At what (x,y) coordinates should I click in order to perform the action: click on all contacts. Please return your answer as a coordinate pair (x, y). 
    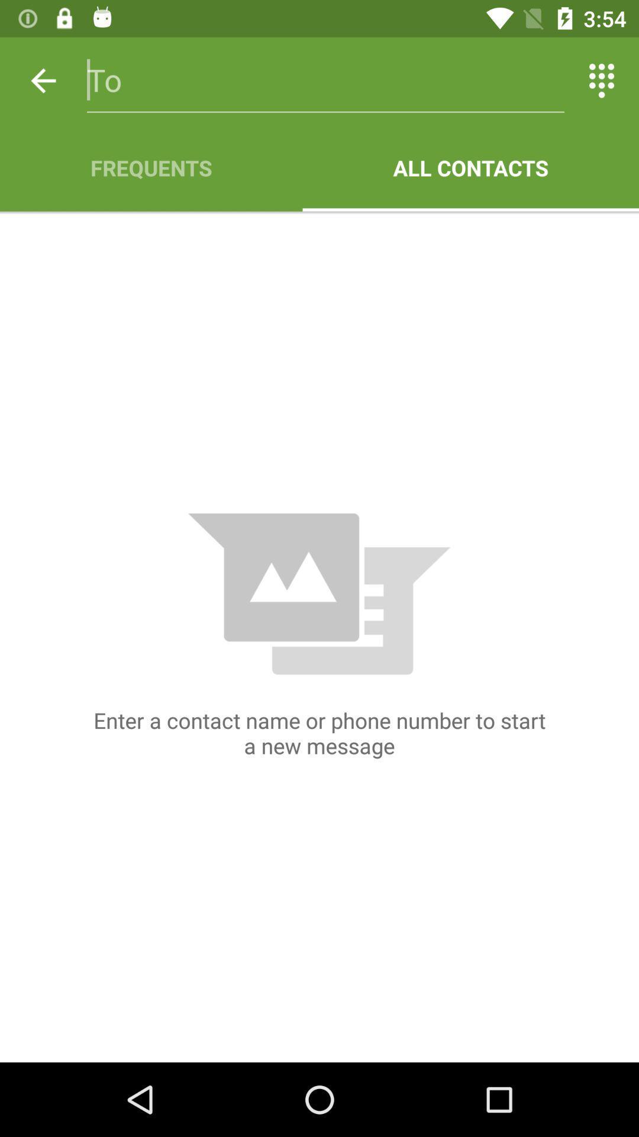
    Looking at the image, I should click on (470, 167).